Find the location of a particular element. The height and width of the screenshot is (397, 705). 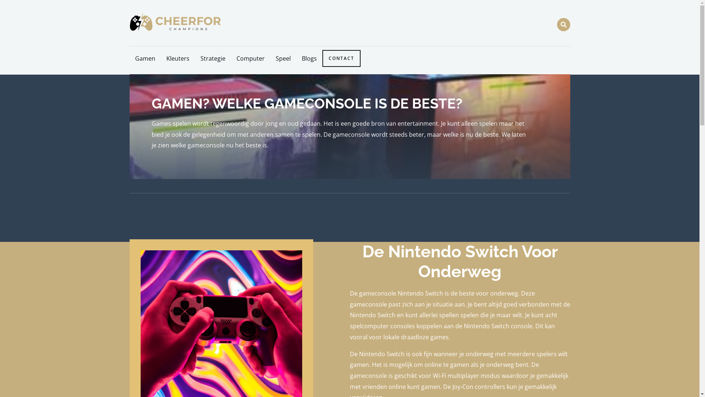

'CONTACT' is located at coordinates (341, 58).